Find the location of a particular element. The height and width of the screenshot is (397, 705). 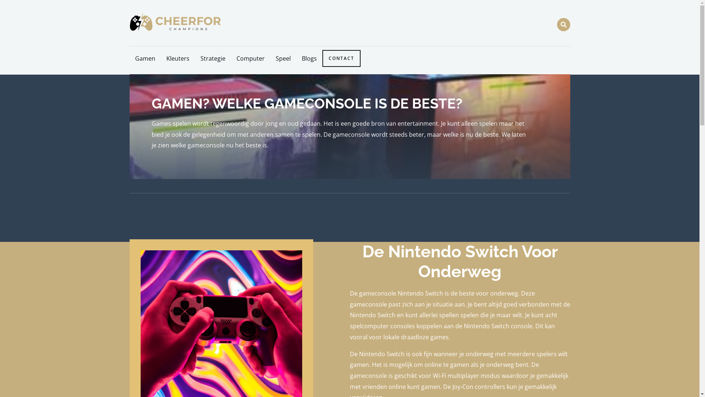

'CONTACT' is located at coordinates (341, 58).